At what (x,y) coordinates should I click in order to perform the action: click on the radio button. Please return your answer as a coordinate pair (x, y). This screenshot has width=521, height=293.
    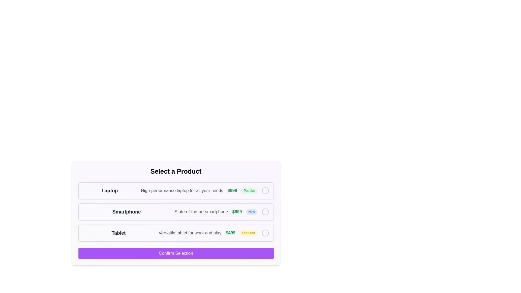
    Looking at the image, I should click on (265, 190).